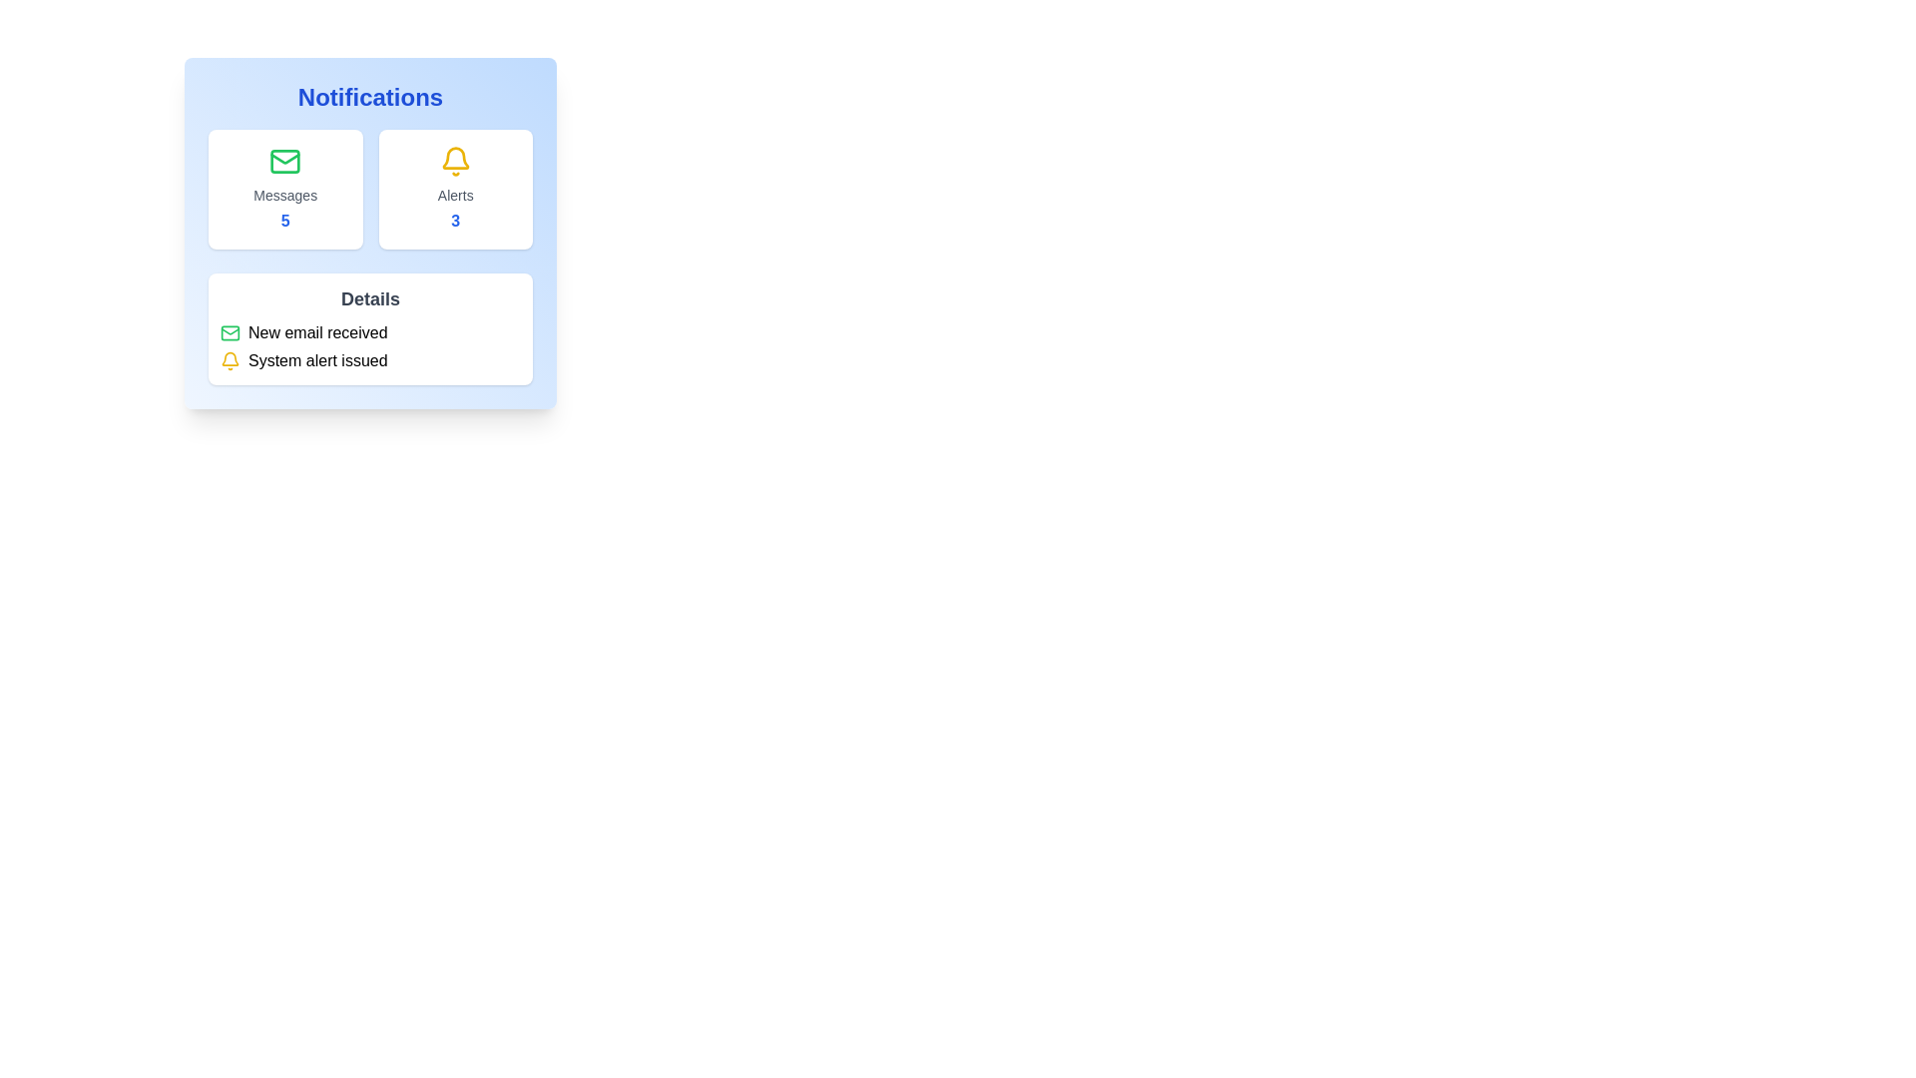 This screenshot has height=1078, width=1916. I want to click on the alert notification icon located at the far left of the 'System alert issued' section, so click(230, 361).